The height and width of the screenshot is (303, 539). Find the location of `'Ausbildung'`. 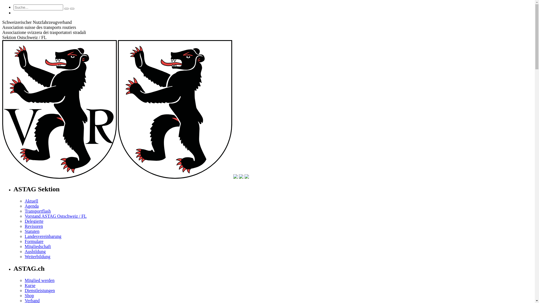

'Ausbildung' is located at coordinates (35, 251).